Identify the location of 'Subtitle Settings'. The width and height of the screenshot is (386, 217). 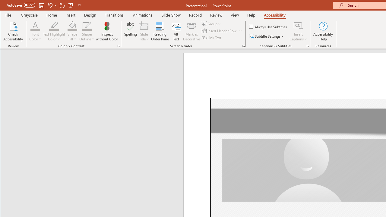
(267, 36).